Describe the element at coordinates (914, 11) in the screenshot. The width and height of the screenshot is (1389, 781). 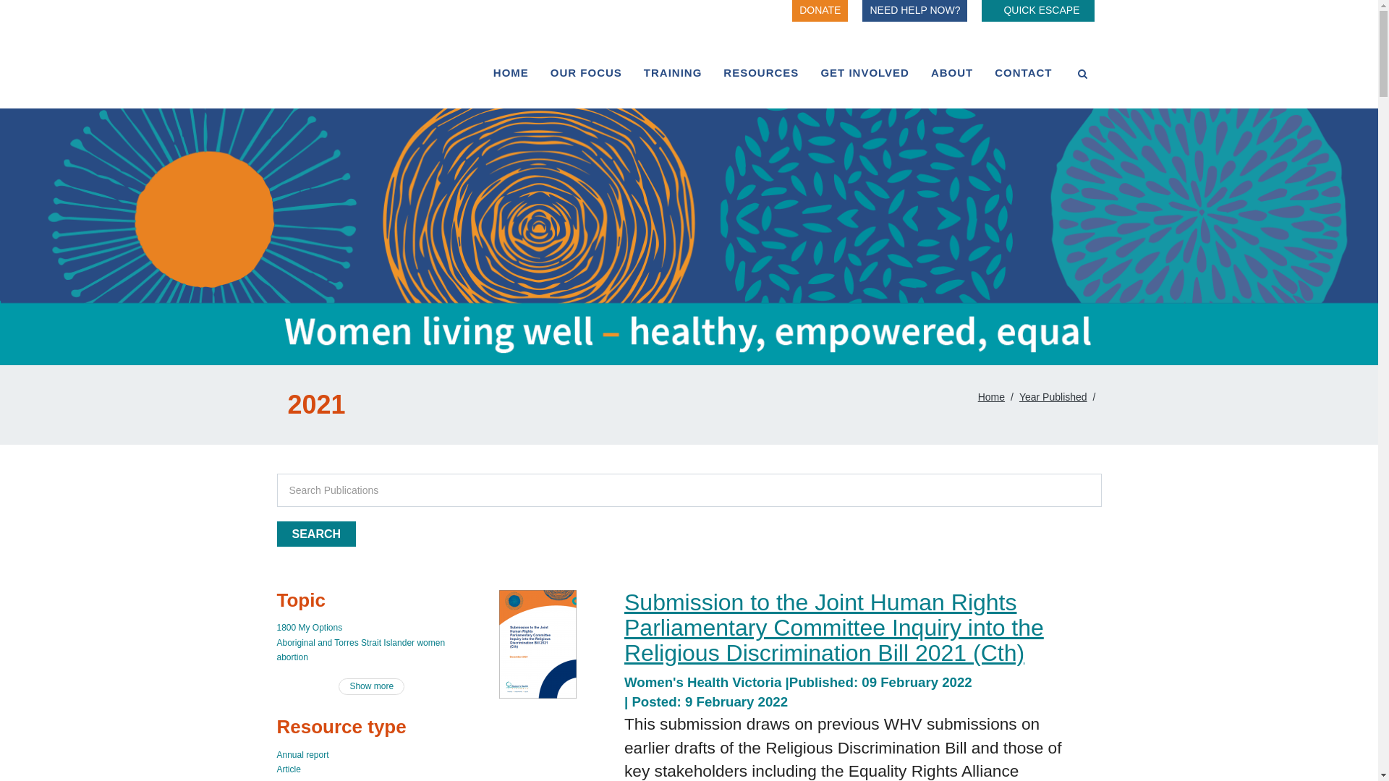
I see `'NEED HELP NOW?'` at that location.